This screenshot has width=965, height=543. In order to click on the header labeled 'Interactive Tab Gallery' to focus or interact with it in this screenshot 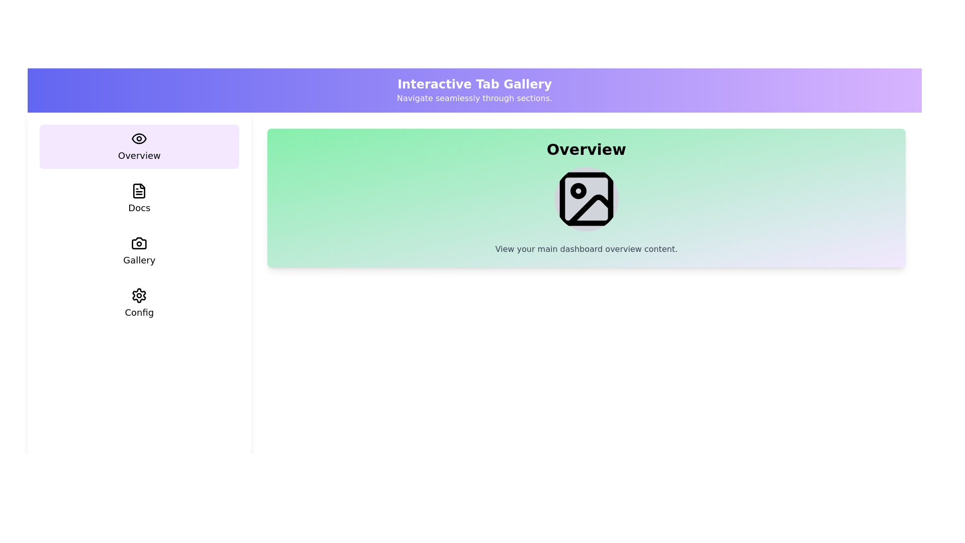, I will do `click(474, 90)`.